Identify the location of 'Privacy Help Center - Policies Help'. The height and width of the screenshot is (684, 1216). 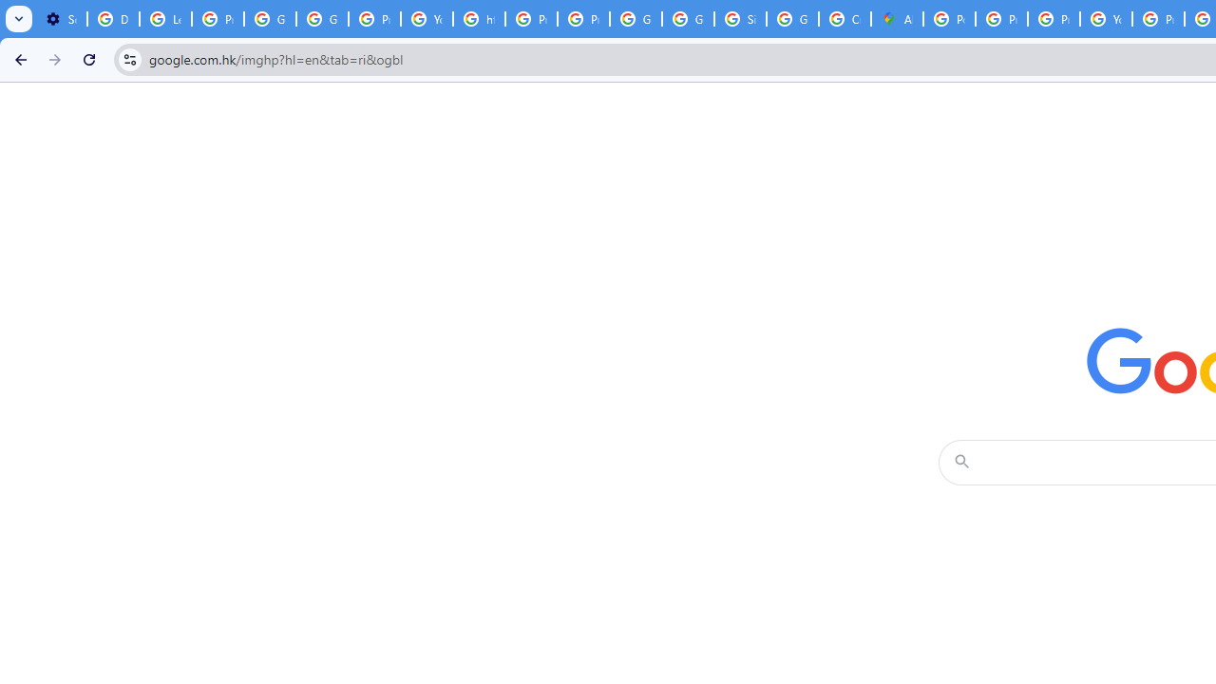
(1000, 19).